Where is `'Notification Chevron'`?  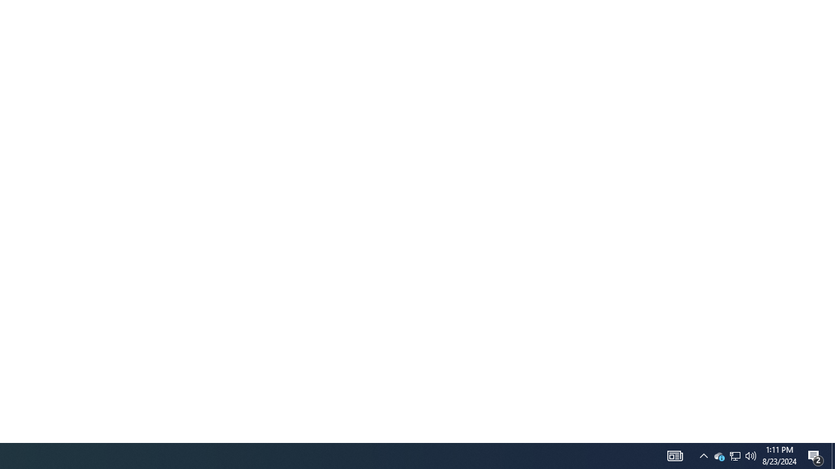 'Notification Chevron' is located at coordinates (675, 455).